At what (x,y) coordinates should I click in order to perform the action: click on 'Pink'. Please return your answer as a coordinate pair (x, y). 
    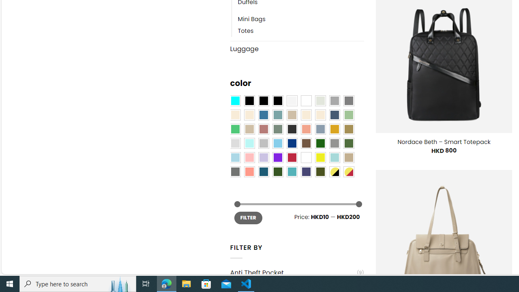
    Looking at the image, I should click on (249, 157).